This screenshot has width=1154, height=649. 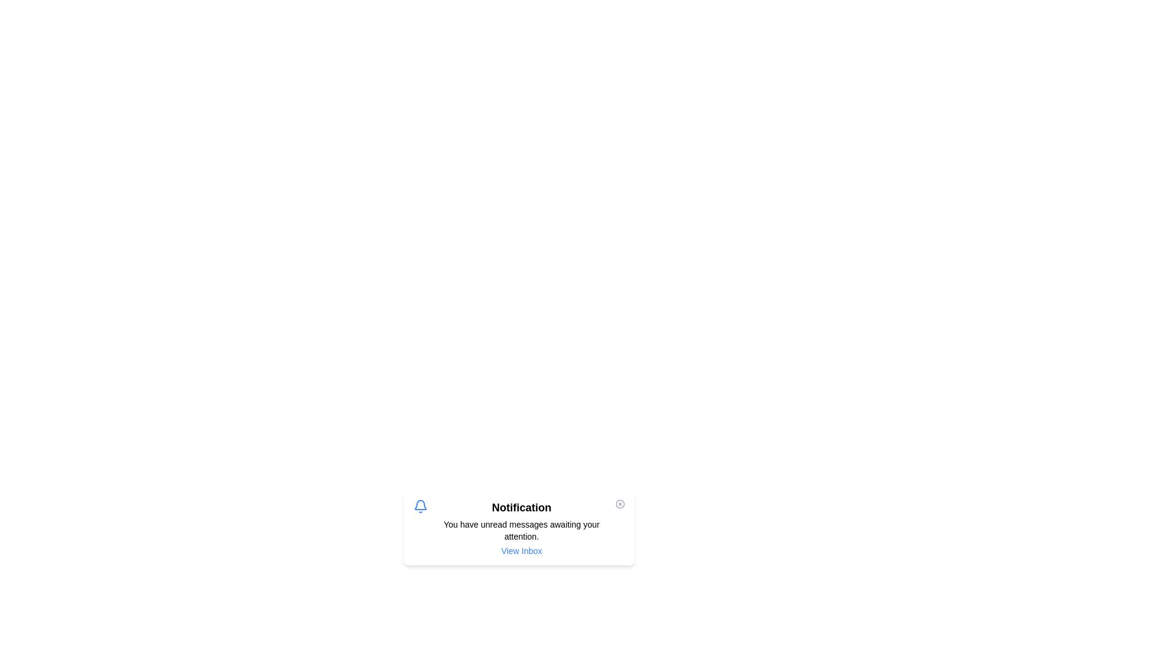 What do you see at coordinates (421, 507) in the screenshot?
I see `the blue notification bell icon located at the top-left corner of the notification card that contains the title 'Notification'` at bounding box center [421, 507].